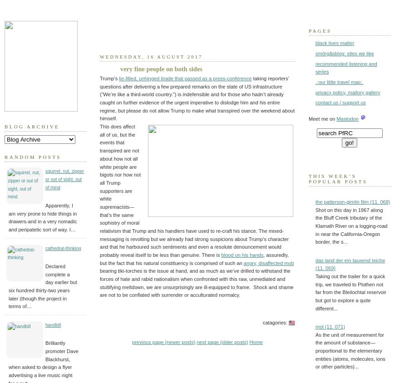 The image size is (404, 383). Describe the element at coordinates (32, 126) in the screenshot. I see `'Blog Archive'` at that location.